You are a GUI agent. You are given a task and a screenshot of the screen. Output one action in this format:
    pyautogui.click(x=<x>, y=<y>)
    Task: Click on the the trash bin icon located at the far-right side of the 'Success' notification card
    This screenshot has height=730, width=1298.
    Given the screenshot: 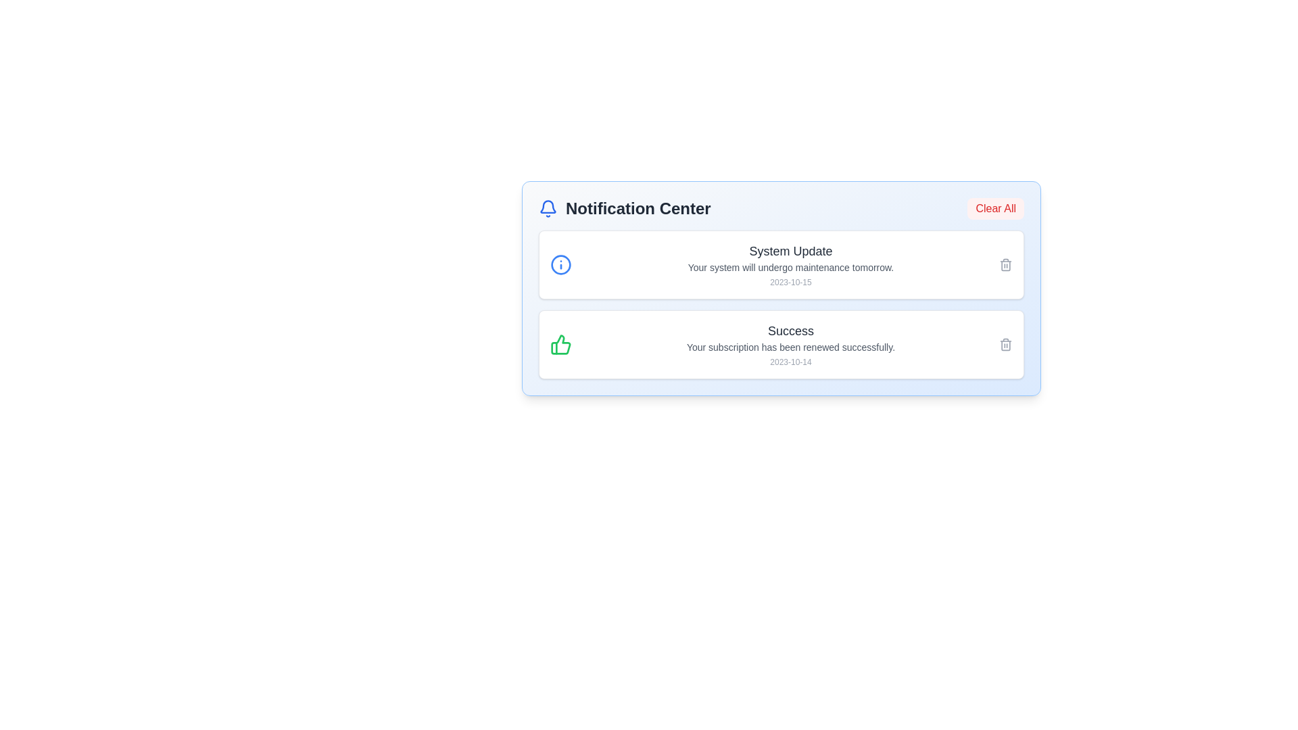 What is the action you would take?
    pyautogui.click(x=1006, y=343)
    